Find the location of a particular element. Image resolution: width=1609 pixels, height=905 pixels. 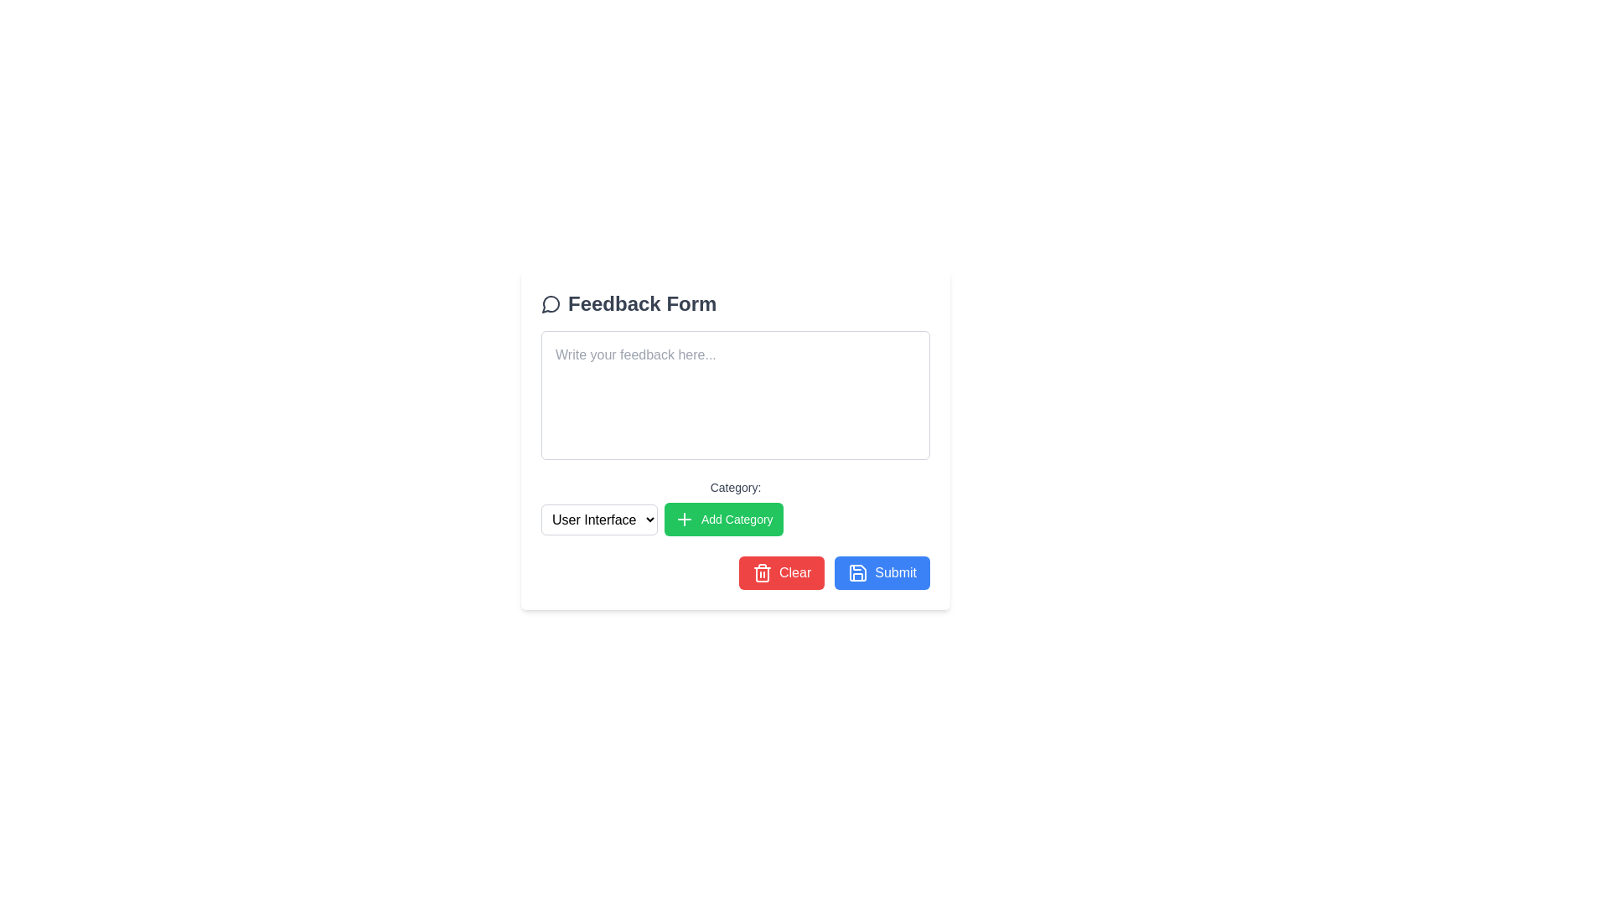

the button to the right of the 'User Interface' dropdown menu in the 'Category' section of the 'Feedback Form' is located at coordinates (736, 506).